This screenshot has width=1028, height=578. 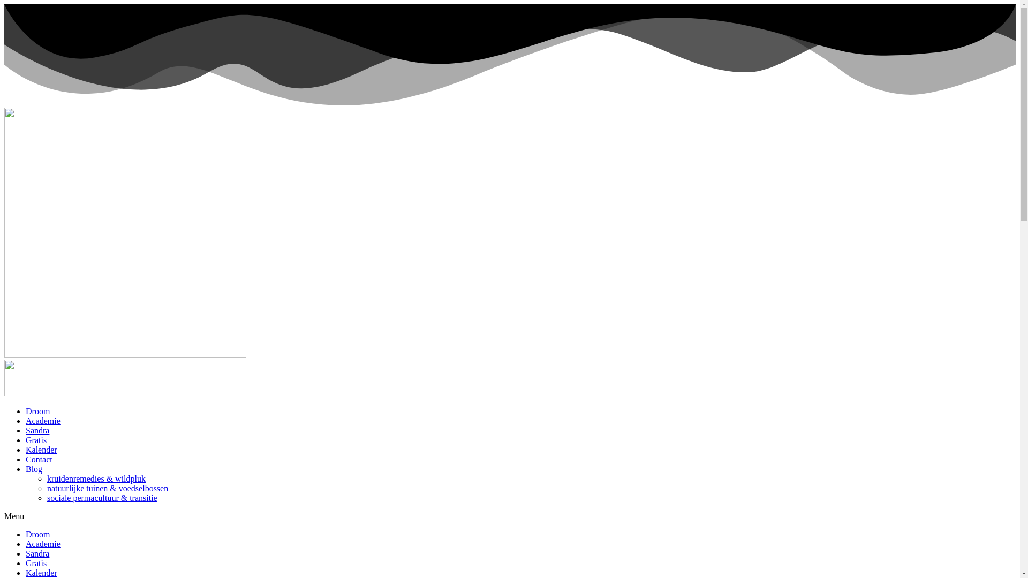 I want to click on 'Droom', so click(x=37, y=410).